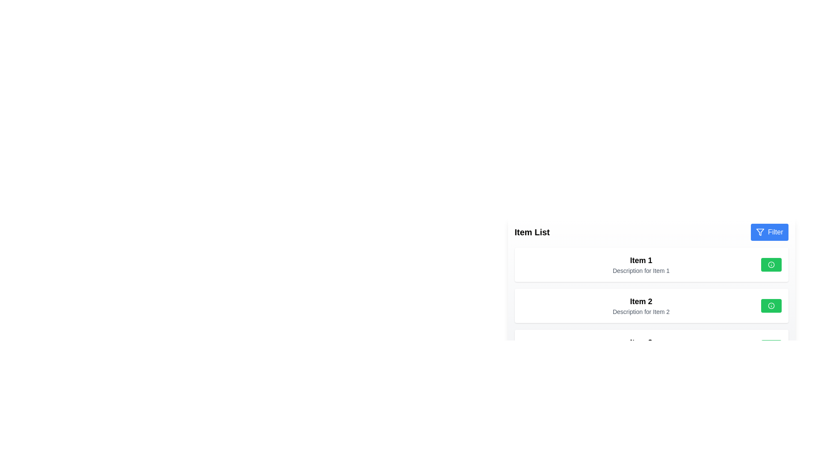 Image resolution: width=821 pixels, height=462 pixels. I want to click on the text label displaying descriptive information about 'Item 2' in the 'Item List' section, so click(641, 312).